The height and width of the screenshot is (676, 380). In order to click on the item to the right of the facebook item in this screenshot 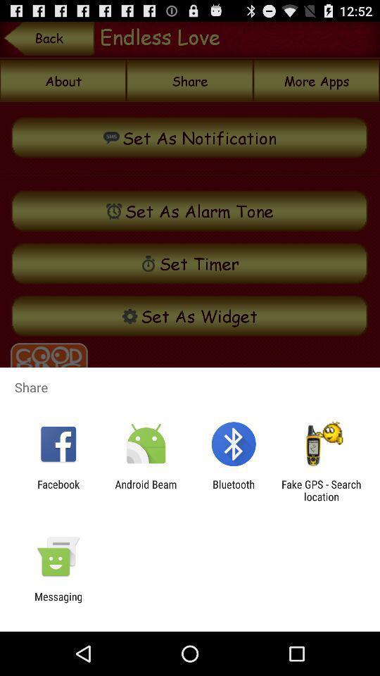, I will do `click(145, 490)`.